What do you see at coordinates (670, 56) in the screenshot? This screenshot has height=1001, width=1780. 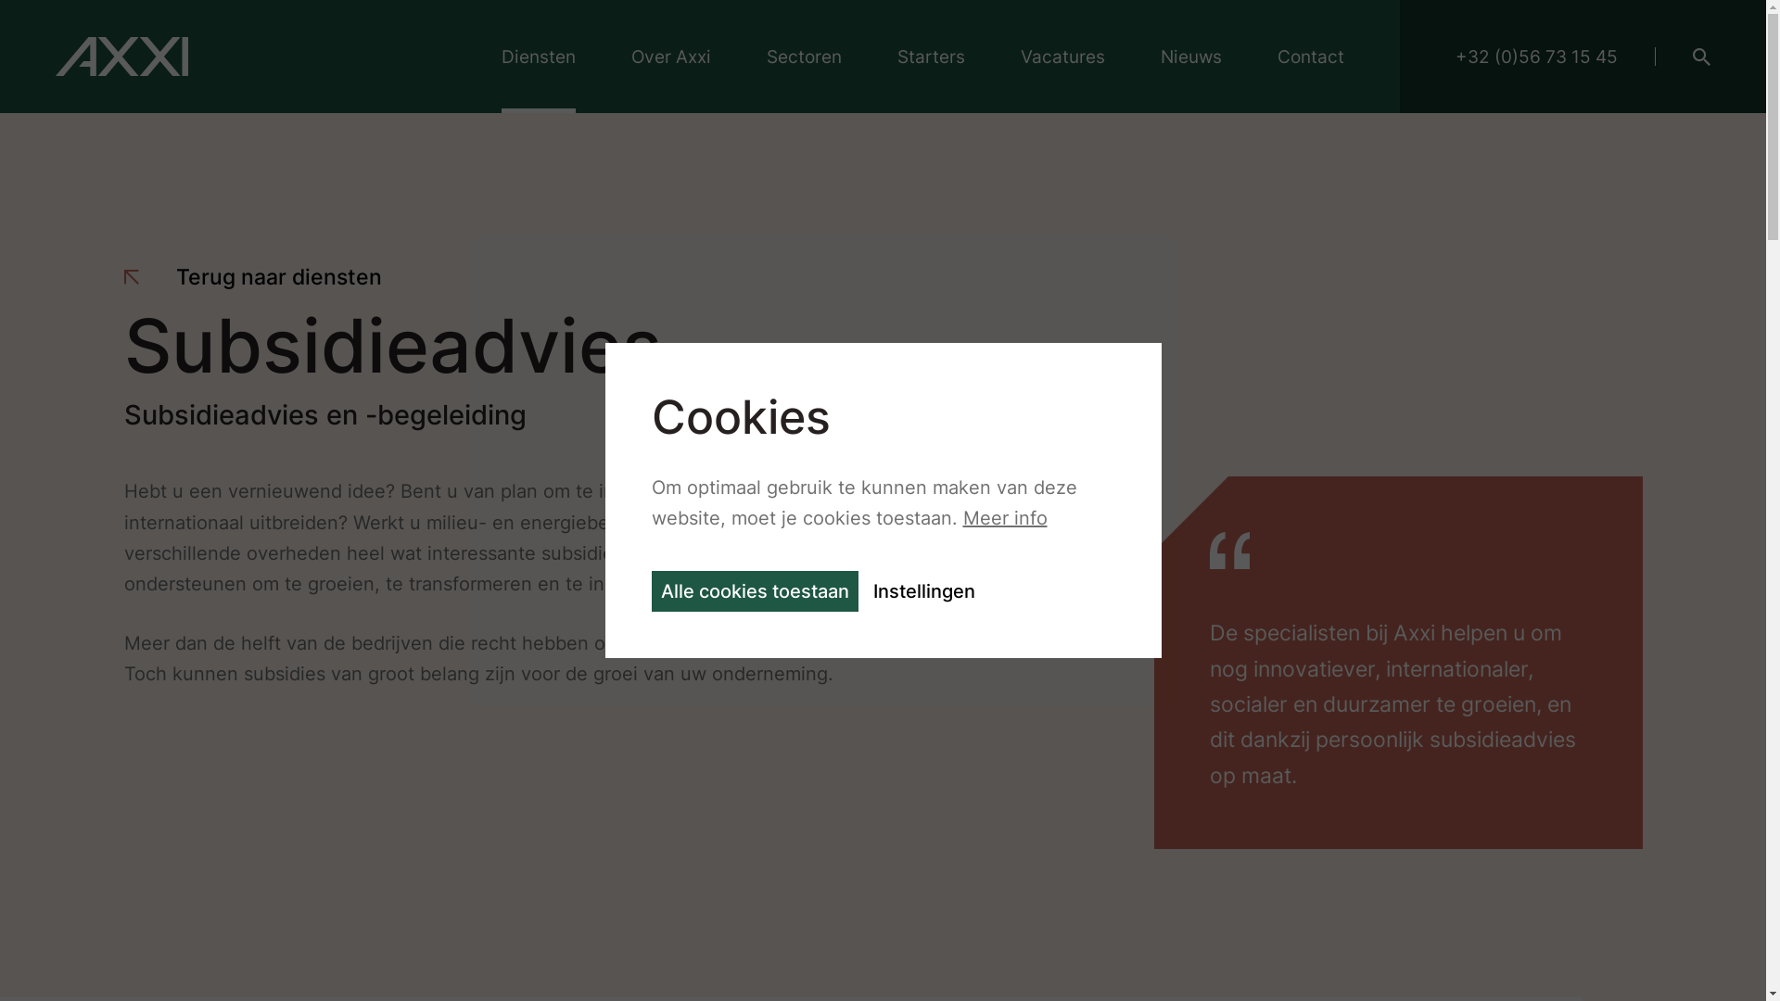 I see `'Over Axxi'` at bounding box center [670, 56].